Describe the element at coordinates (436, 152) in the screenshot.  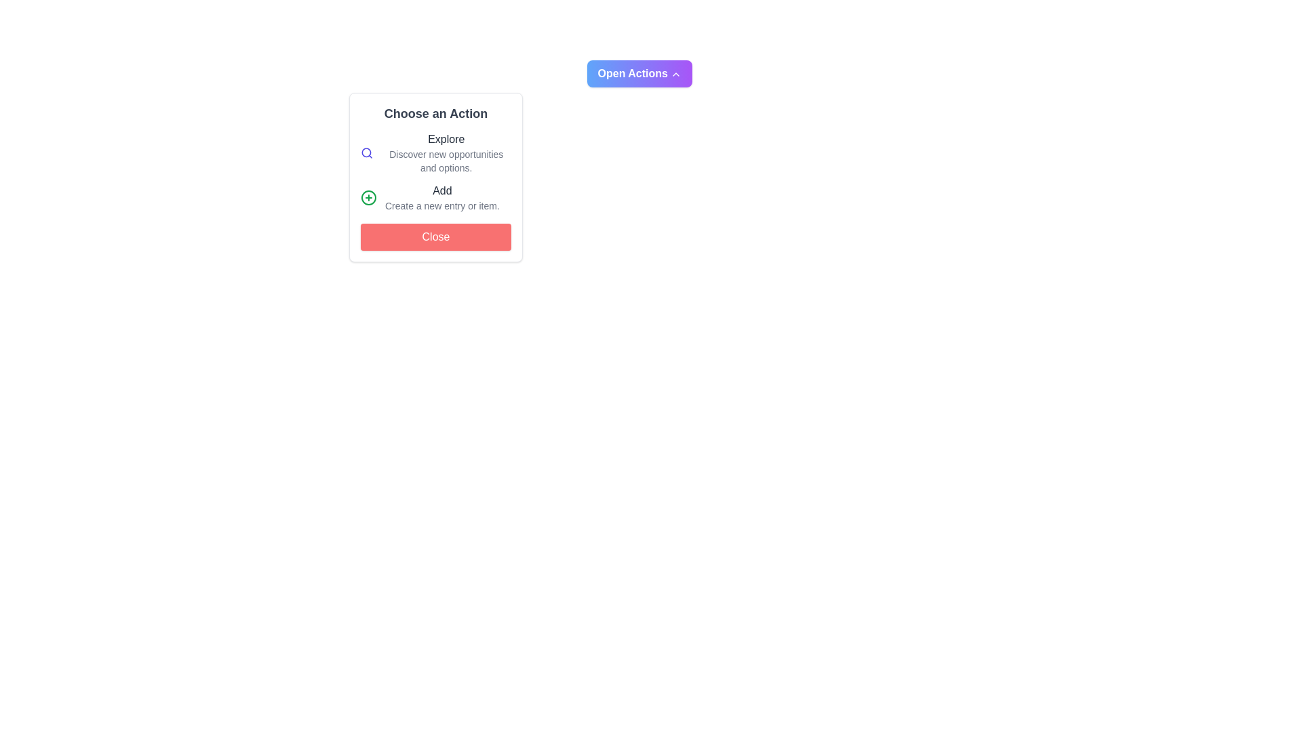
I see `the informational text element located in the 'Choose an Action' modal, which is positioned above the 'Add' option, to explore new opportunities and options` at that location.